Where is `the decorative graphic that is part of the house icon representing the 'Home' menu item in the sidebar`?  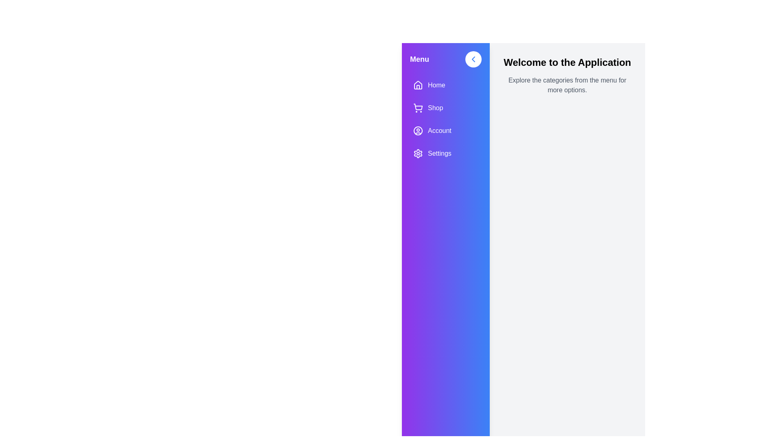 the decorative graphic that is part of the house icon representing the 'Home' menu item in the sidebar is located at coordinates (418, 87).